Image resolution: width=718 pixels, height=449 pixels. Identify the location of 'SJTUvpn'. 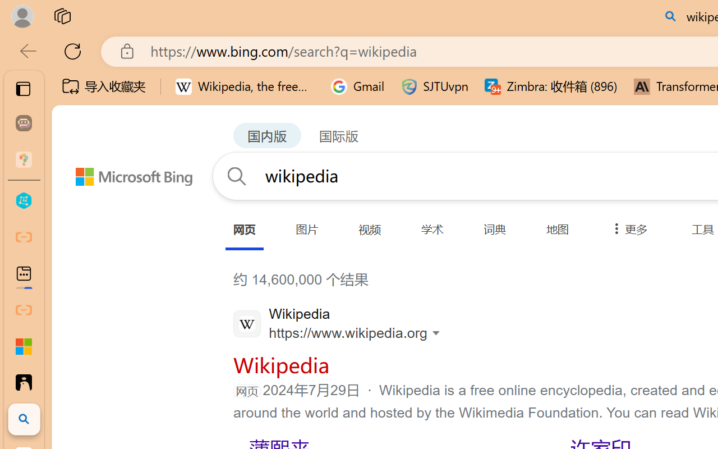
(434, 86).